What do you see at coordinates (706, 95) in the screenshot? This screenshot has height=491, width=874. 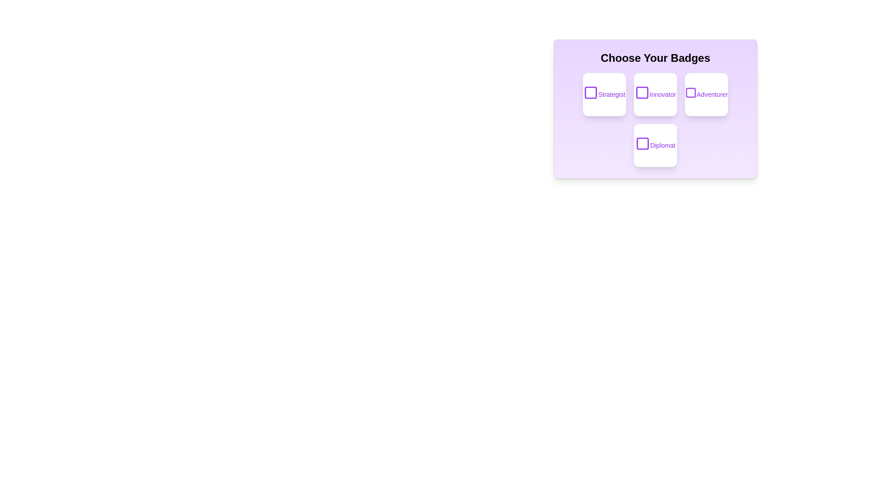 I see `the badge labeled 'Adventurer'` at bounding box center [706, 95].